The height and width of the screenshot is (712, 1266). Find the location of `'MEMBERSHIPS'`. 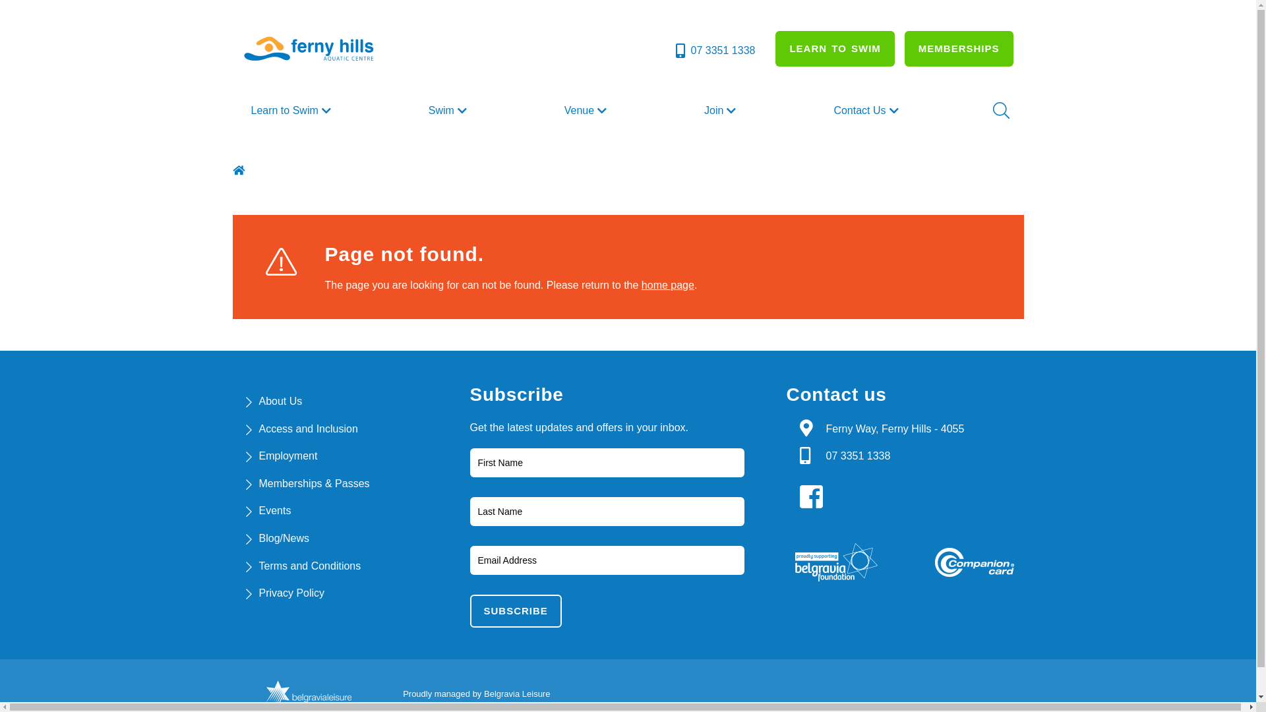

'MEMBERSHIPS' is located at coordinates (959, 47).